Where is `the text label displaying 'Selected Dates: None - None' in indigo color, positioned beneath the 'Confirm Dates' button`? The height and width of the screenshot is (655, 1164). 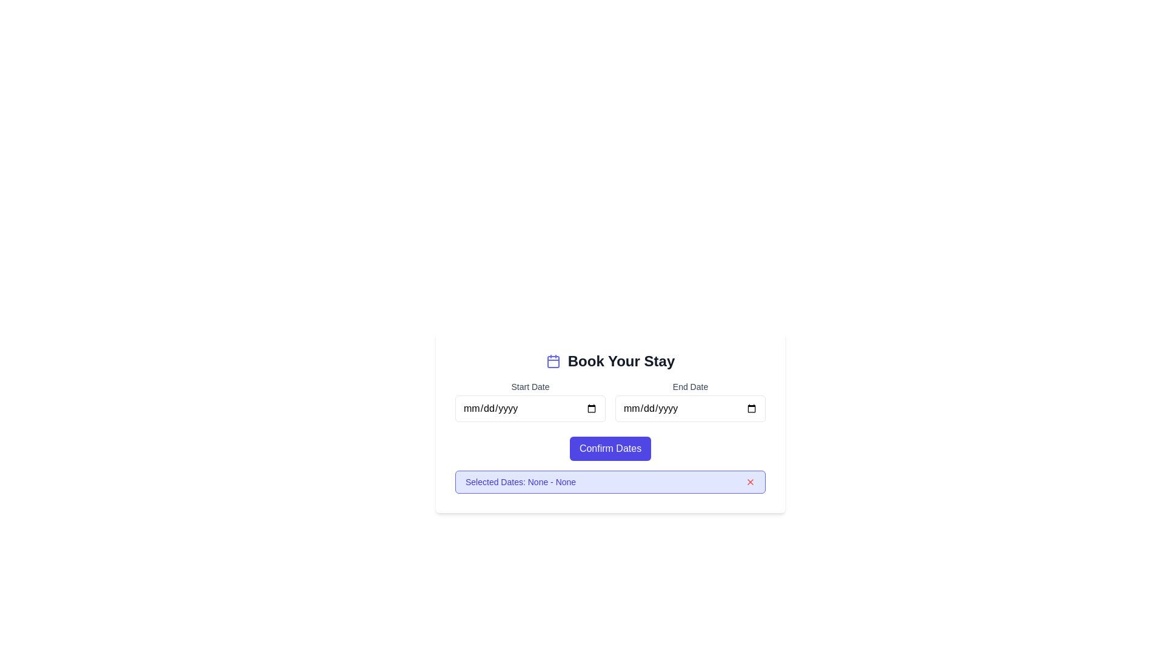 the text label displaying 'Selected Dates: None - None' in indigo color, positioned beneath the 'Confirm Dates' button is located at coordinates (521, 481).